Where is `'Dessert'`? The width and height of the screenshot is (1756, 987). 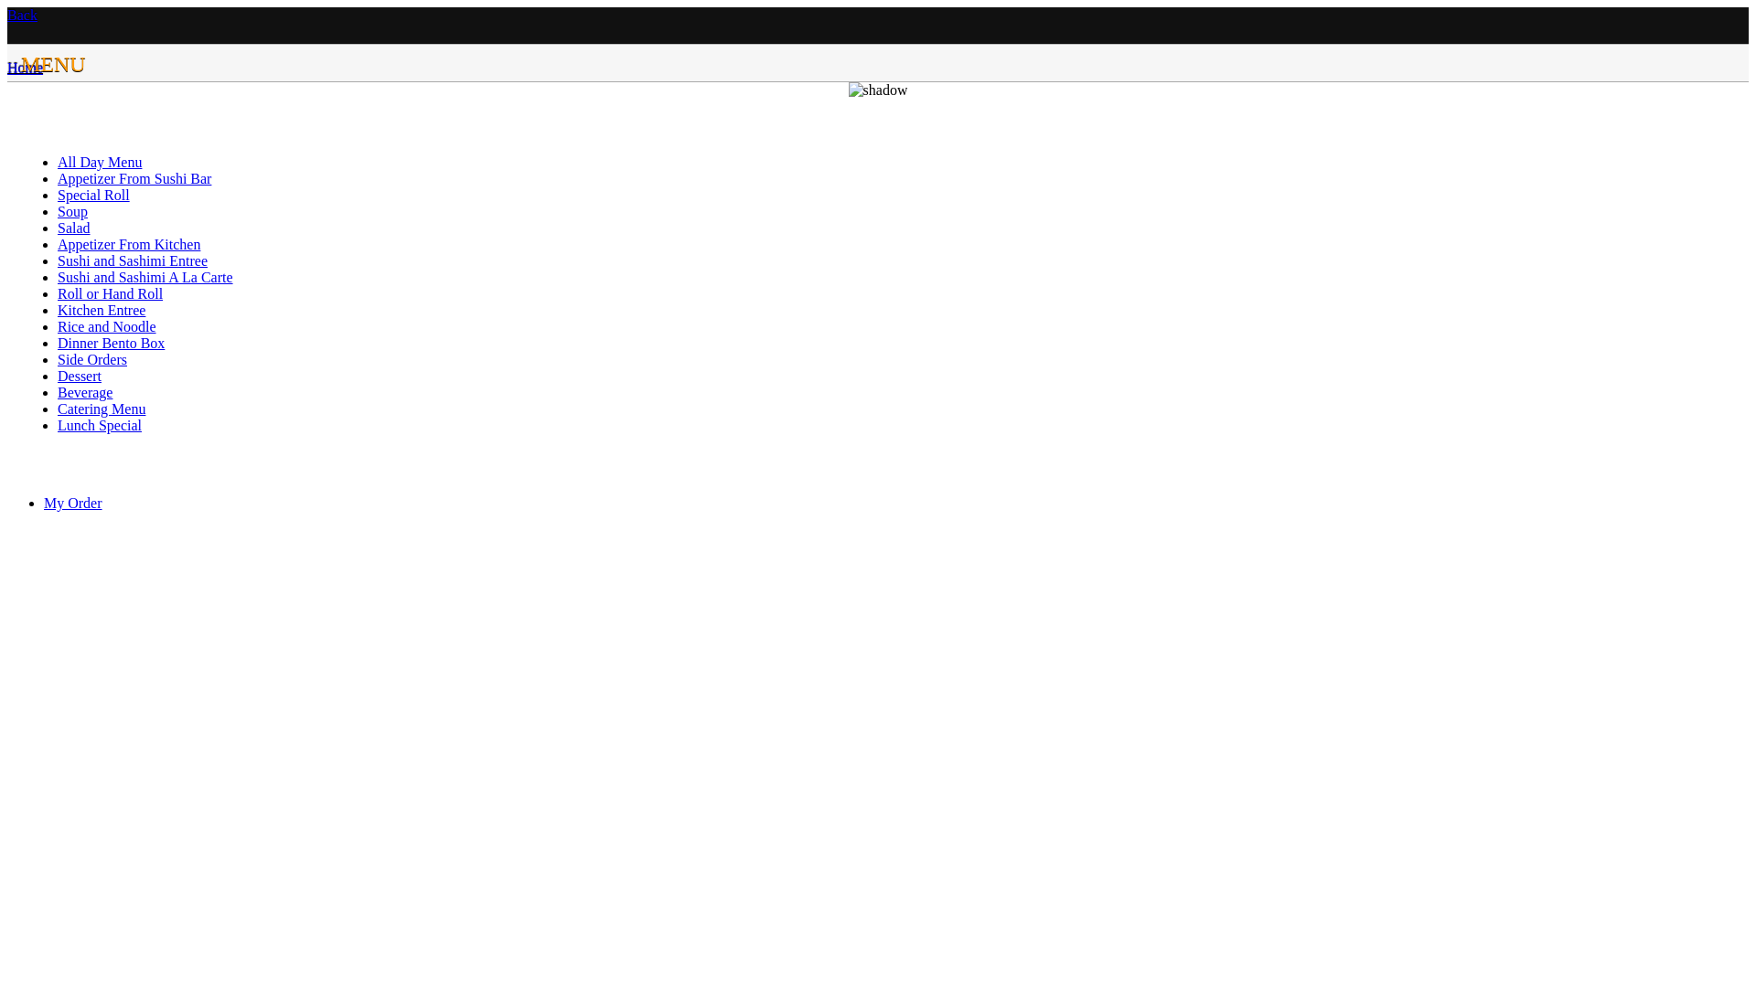
'Dessert' is located at coordinates (57, 375).